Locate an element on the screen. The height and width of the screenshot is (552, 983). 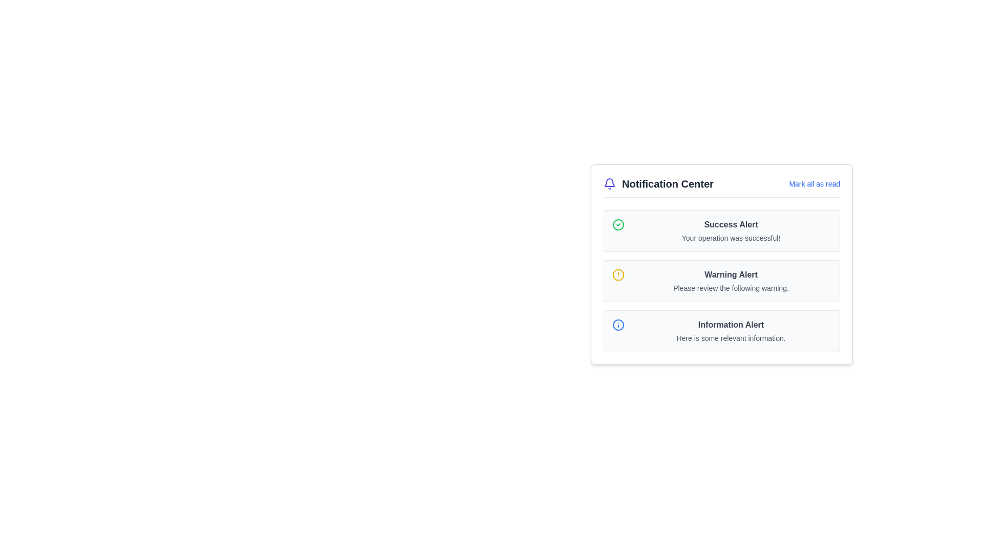
message from the first informational display card in the notification center panel, located in the top-left portion of the list is located at coordinates (731, 231).